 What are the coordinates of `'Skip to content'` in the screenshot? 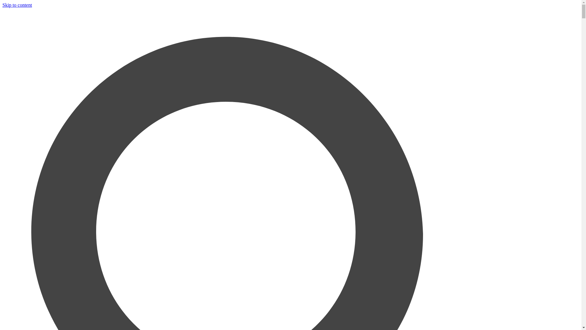 It's located at (2, 5).